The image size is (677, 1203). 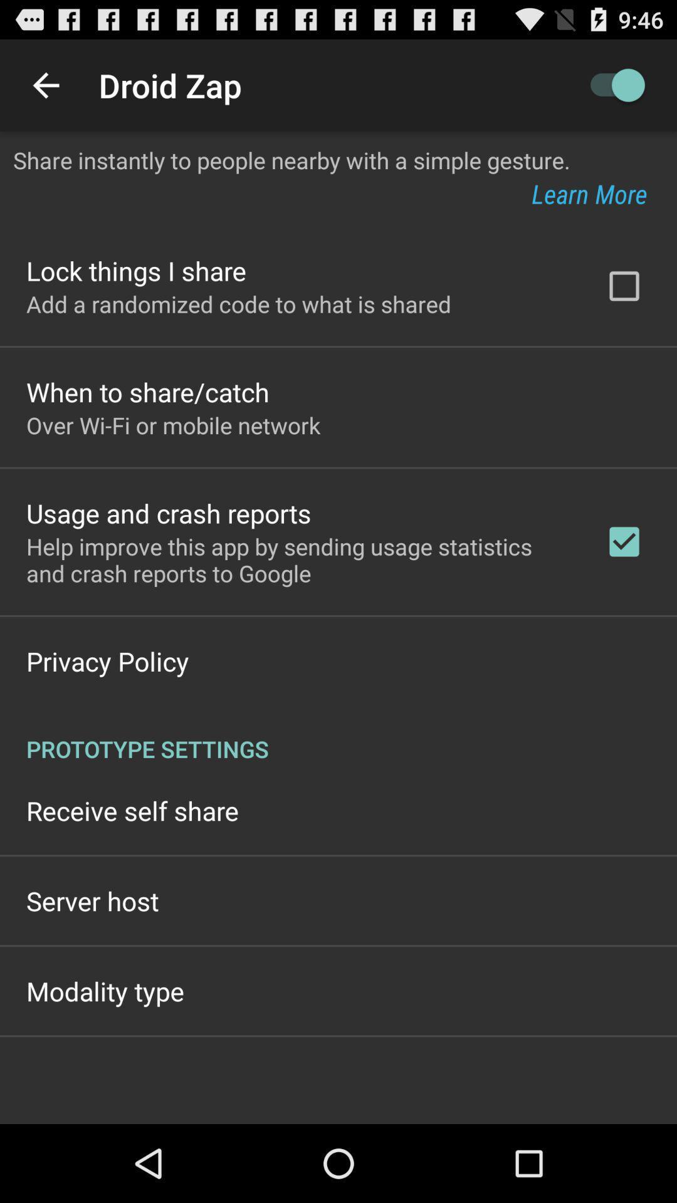 I want to click on the app above the share instantly to app, so click(x=45, y=85).